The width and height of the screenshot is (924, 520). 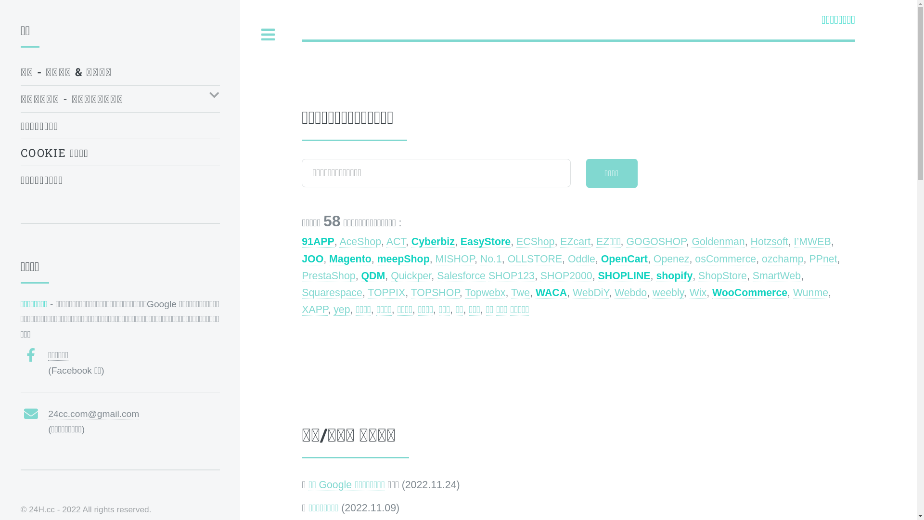 I want to click on 'Topwebx', so click(x=485, y=292).